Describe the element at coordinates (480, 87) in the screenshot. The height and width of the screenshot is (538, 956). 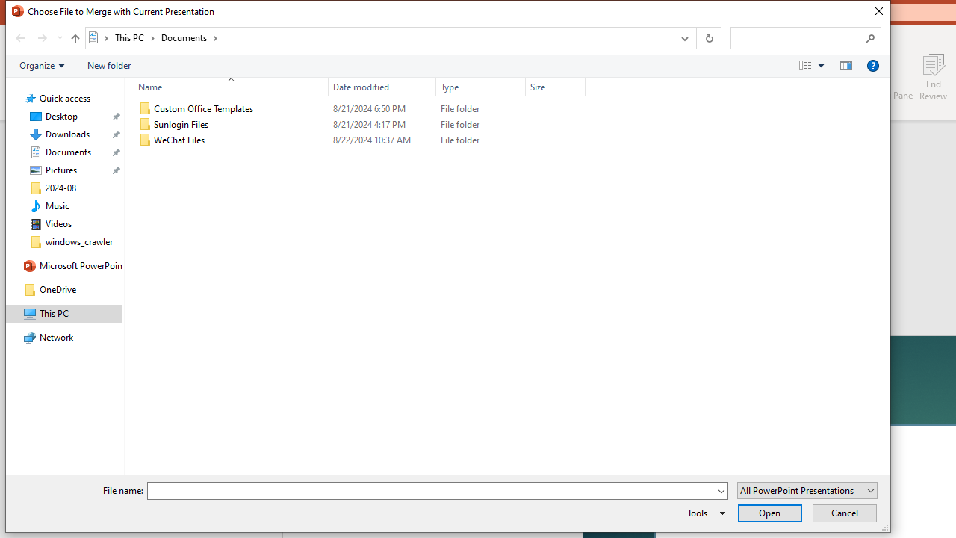
I see `'Type'` at that location.